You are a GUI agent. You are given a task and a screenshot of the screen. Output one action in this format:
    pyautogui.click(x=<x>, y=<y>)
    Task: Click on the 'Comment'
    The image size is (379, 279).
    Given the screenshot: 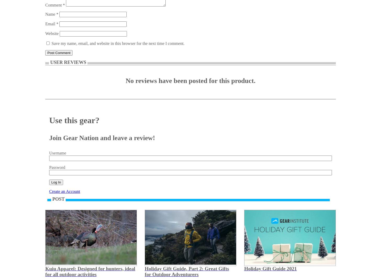 What is the action you would take?
    pyautogui.click(x=45, y=5)
    